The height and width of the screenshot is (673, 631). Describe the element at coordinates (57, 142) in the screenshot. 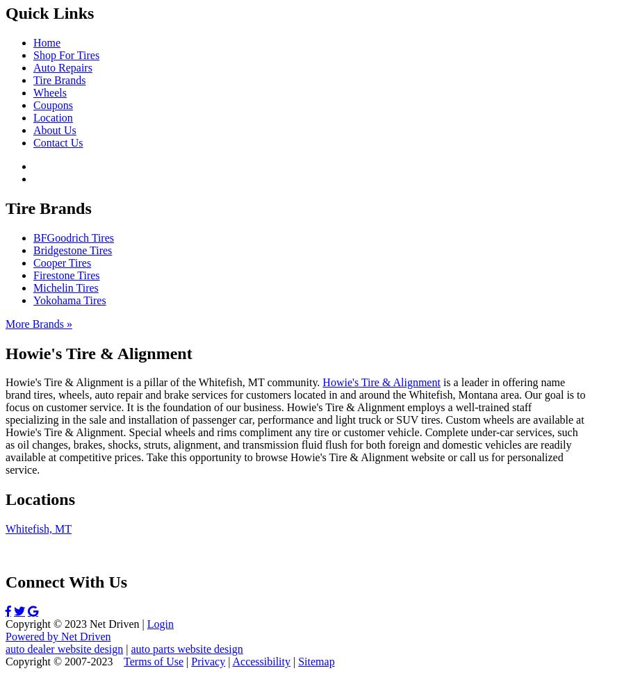

I see `'Contact Us'` at that location.